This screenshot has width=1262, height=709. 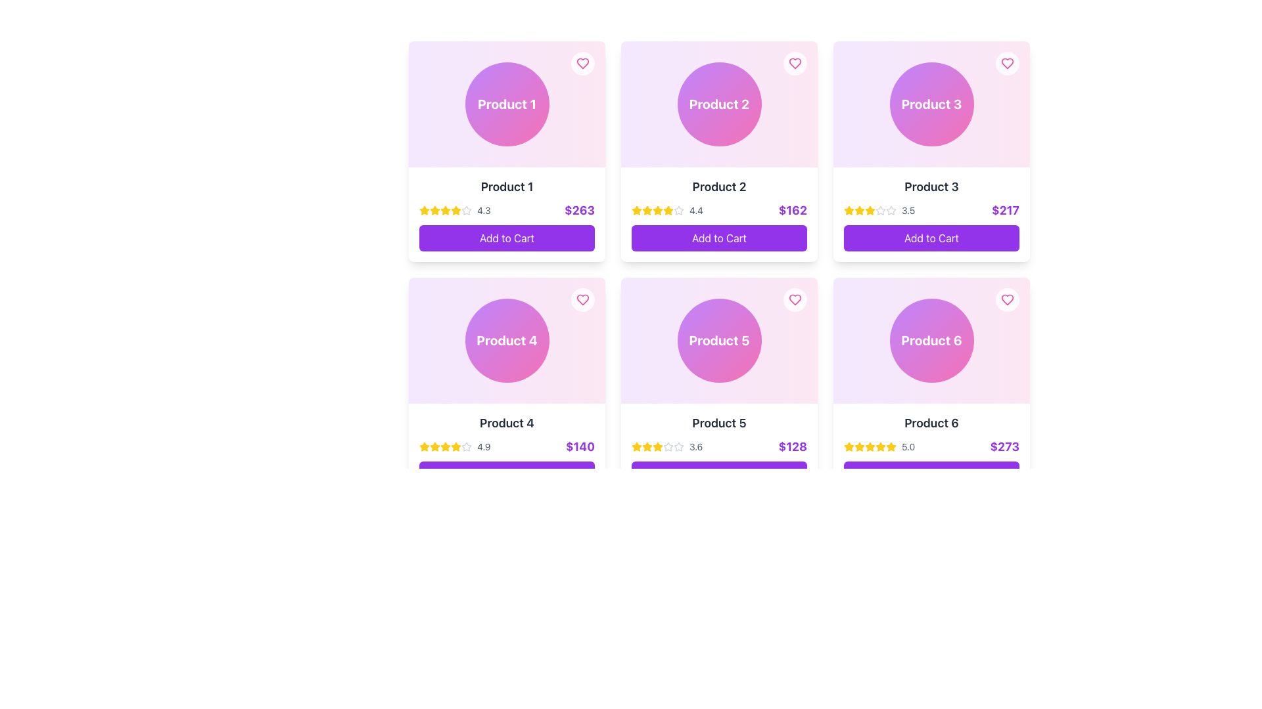 I want to click on the vibrant yellow star-shaped icon indicating a rating for 'Product 2', which is located beside the numeric rating value '4.4', so click(x=637, y=209).